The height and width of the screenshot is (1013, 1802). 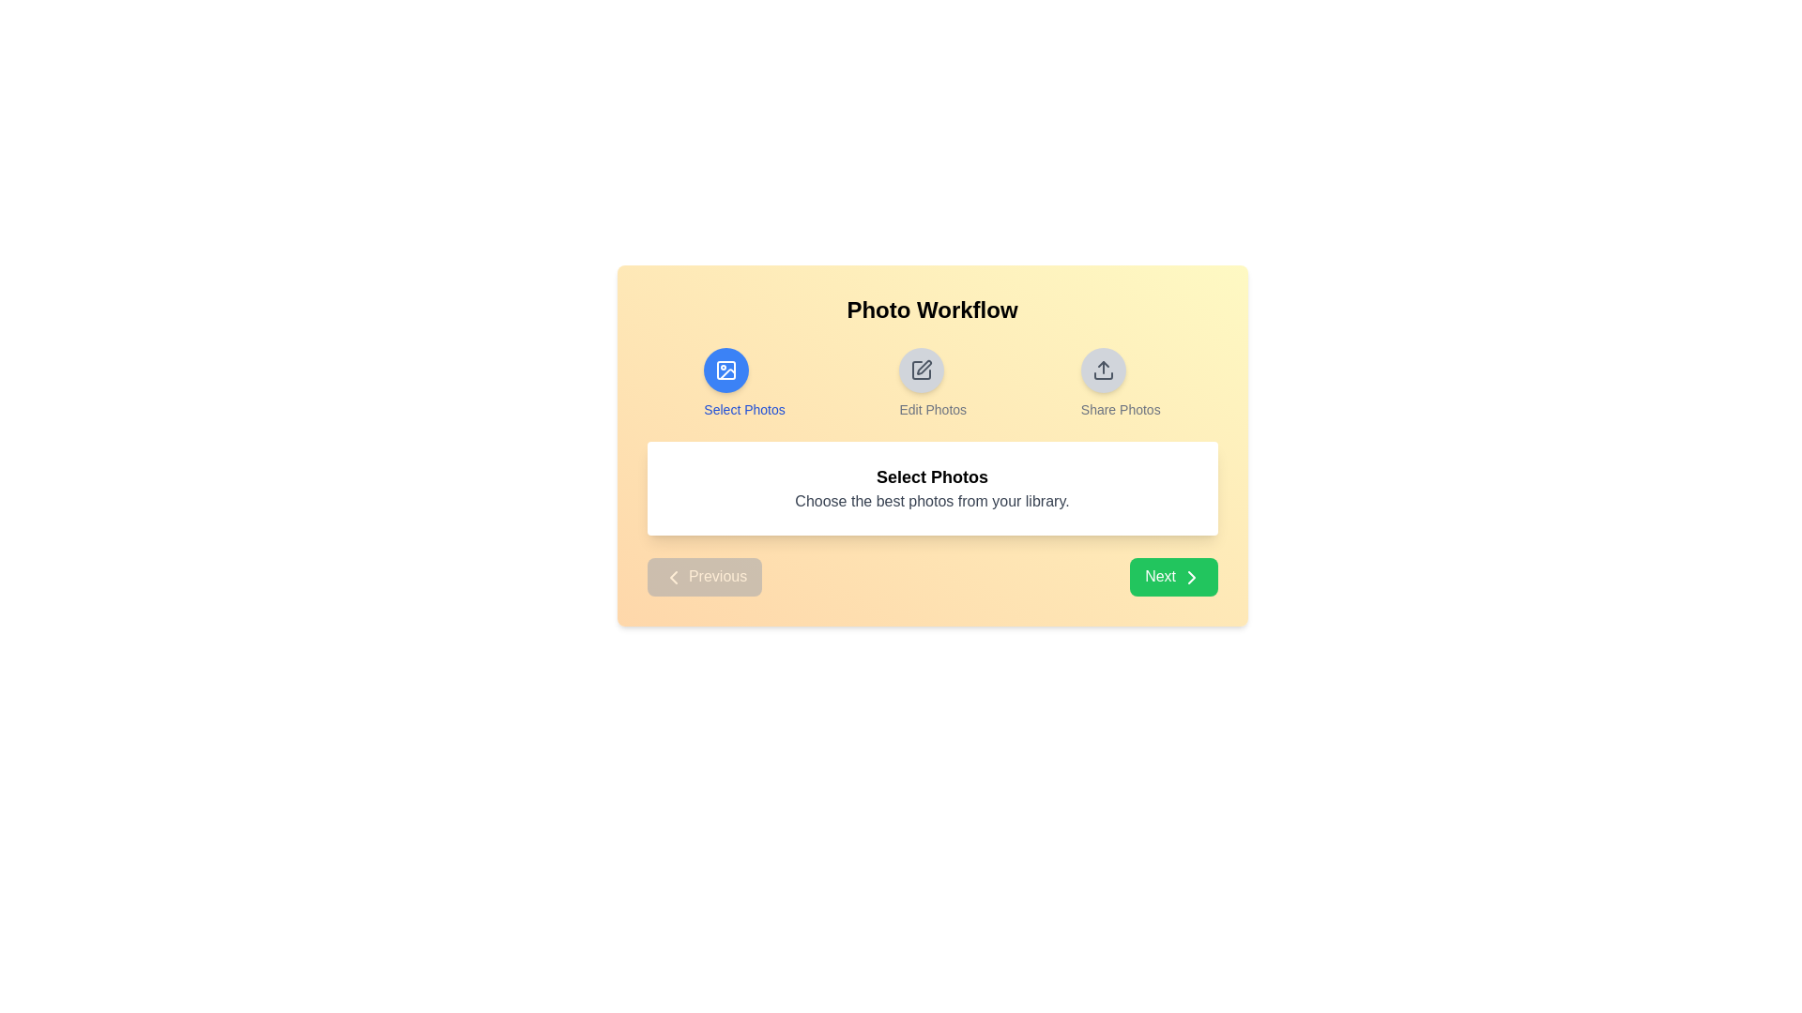 What do you see at coordinates (725, 370) in the screenshot?
I see `the highlighted step to view its description` at bounding box center [725, 370].